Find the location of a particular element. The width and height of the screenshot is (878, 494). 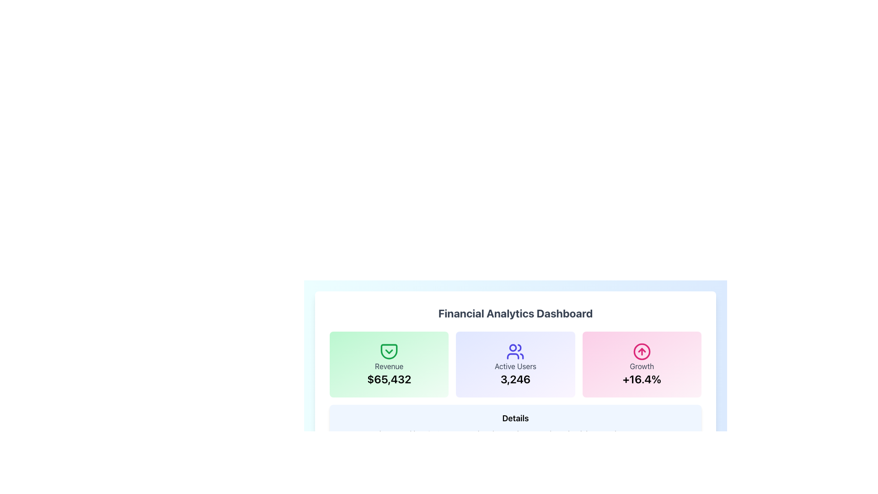

the Informative Box that displays the number of active users in the dashboard's analytics view by moving the cursor to its center is located at coordinates (515, 389).